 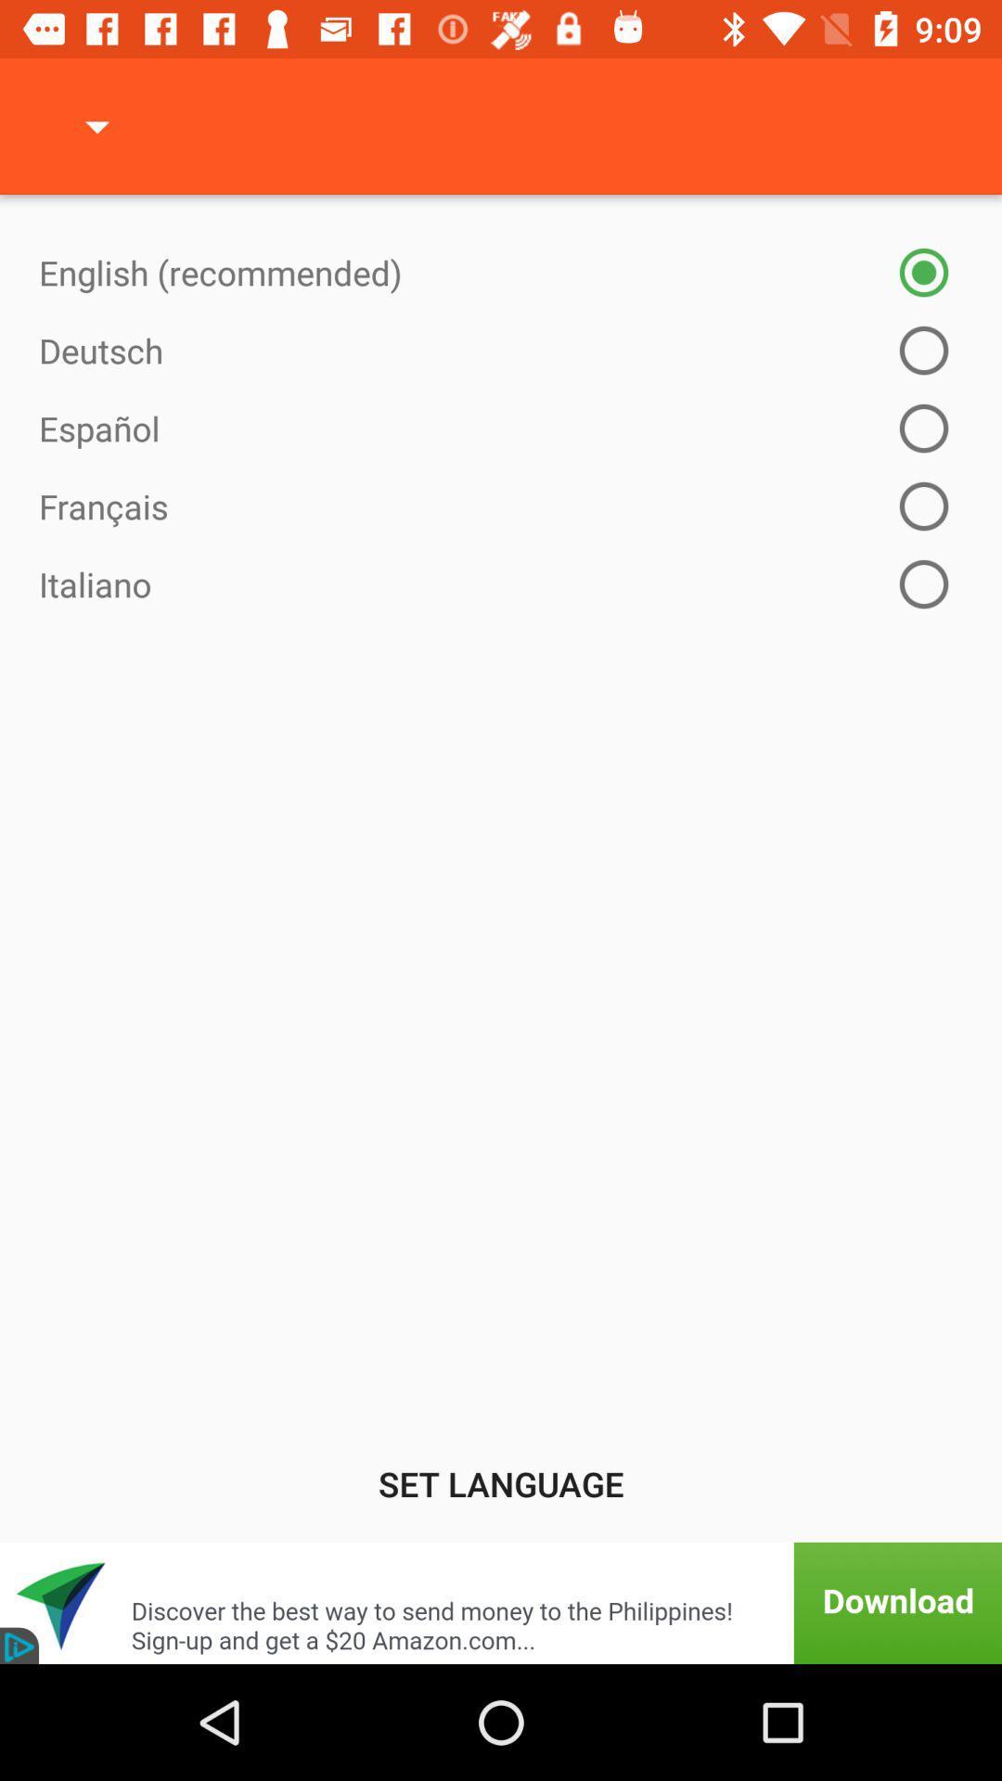 I want to click on set language item, so click(x=501, y=1482).